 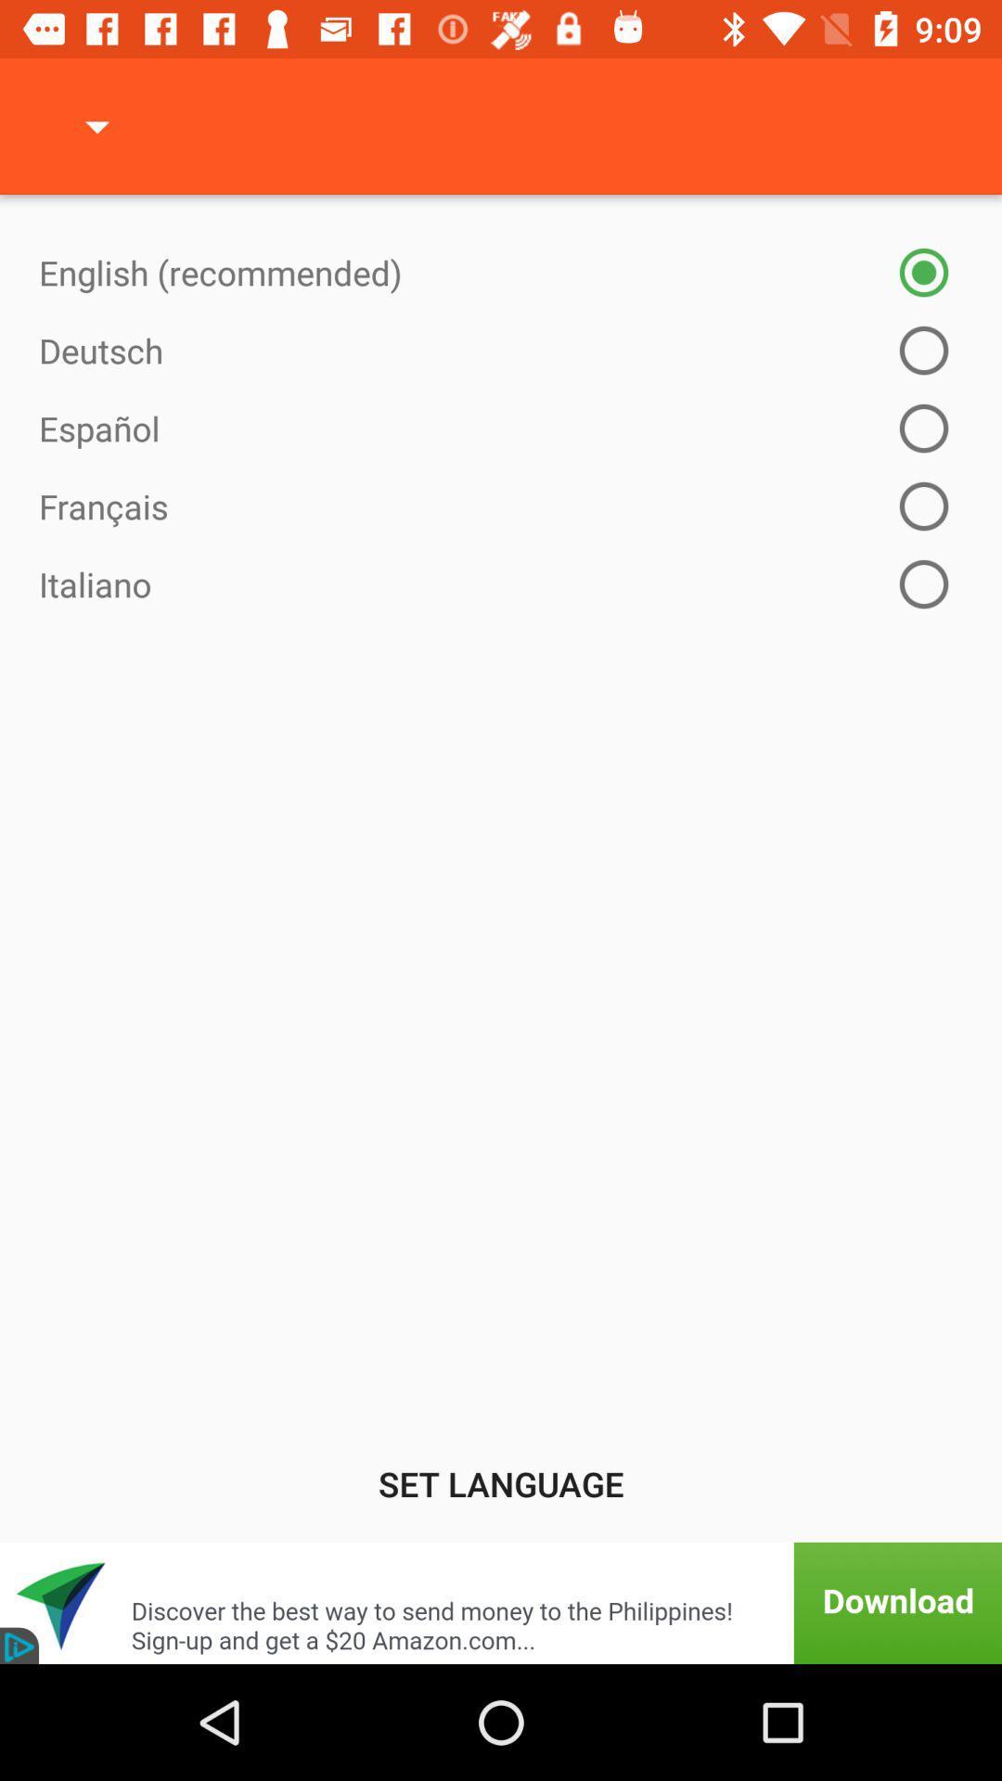 I want to click on set language item, so click(x=501, y=1482).